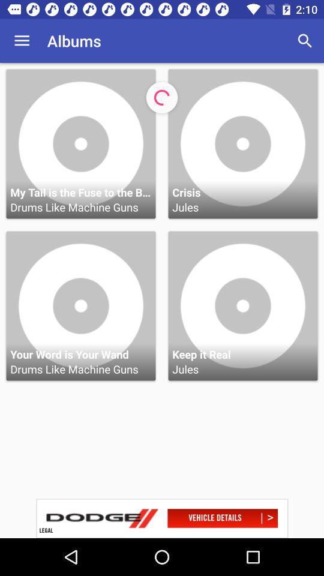  I want to click on loading icon on a page, so click(162, 97).